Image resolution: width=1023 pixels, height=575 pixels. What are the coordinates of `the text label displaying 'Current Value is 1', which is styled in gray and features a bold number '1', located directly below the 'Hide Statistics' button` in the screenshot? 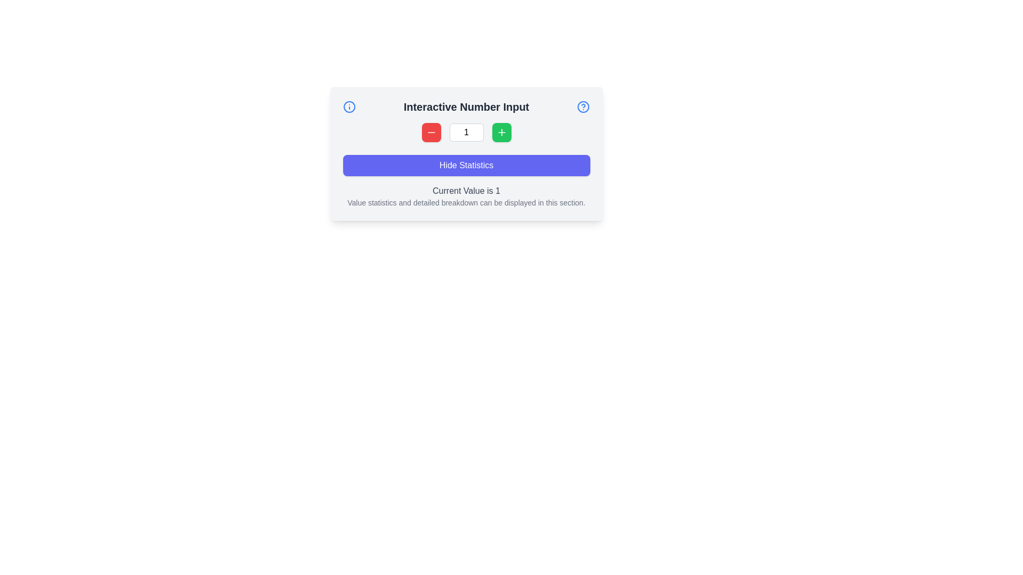 It's located at (466, 190).